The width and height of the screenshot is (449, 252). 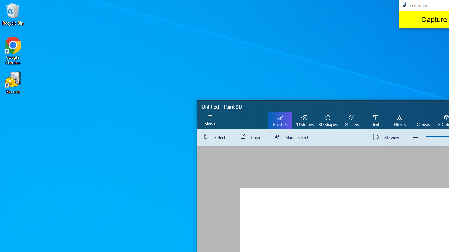 What do you see at coordinates (387, 137) in the screenshot?
I see `'3D view'` at bounding box center [387, 137].